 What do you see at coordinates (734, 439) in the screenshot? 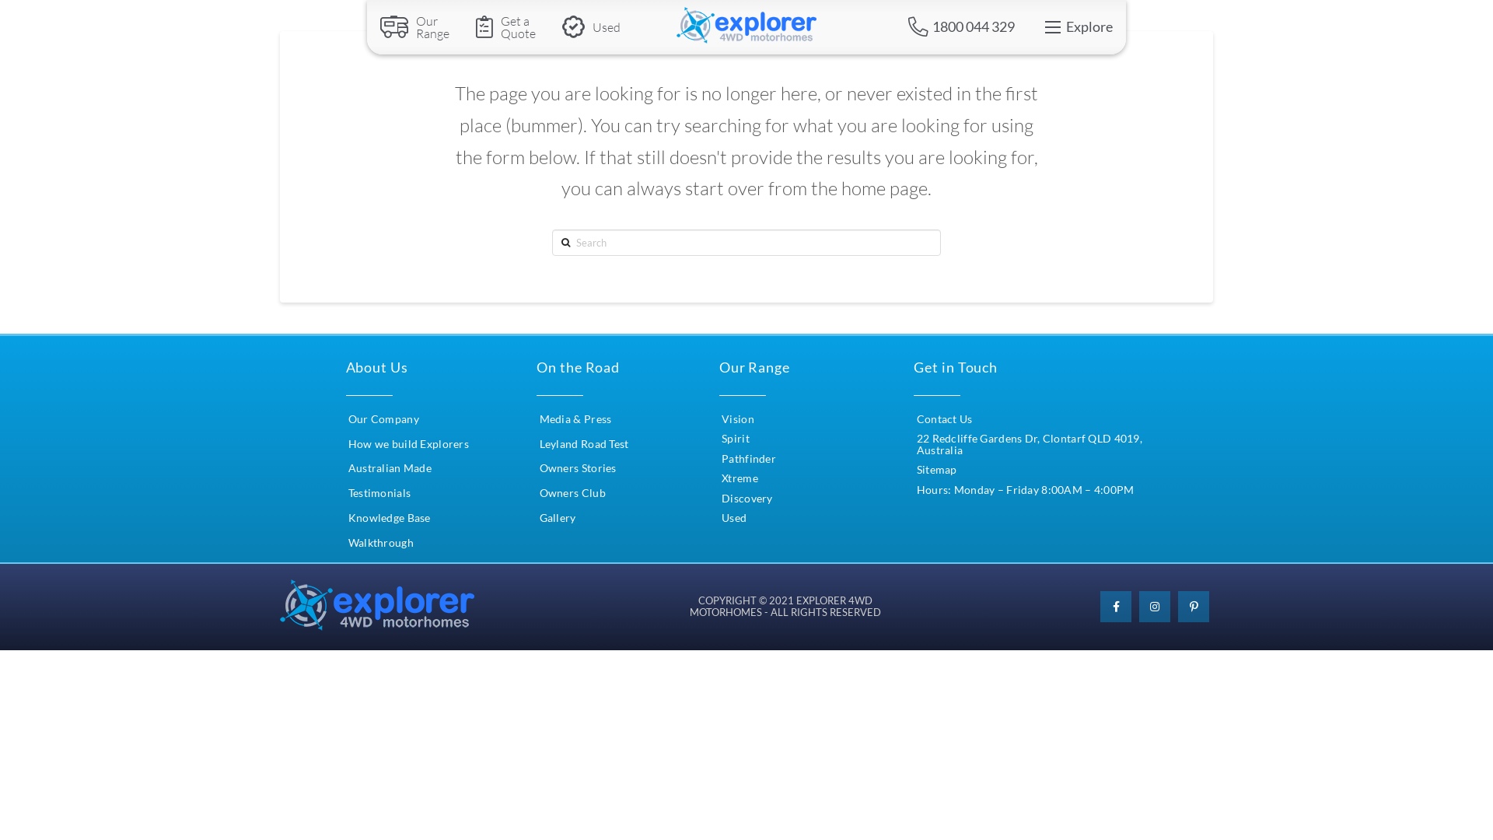
I see `'Spirit'` at bounding box center [734, 439].